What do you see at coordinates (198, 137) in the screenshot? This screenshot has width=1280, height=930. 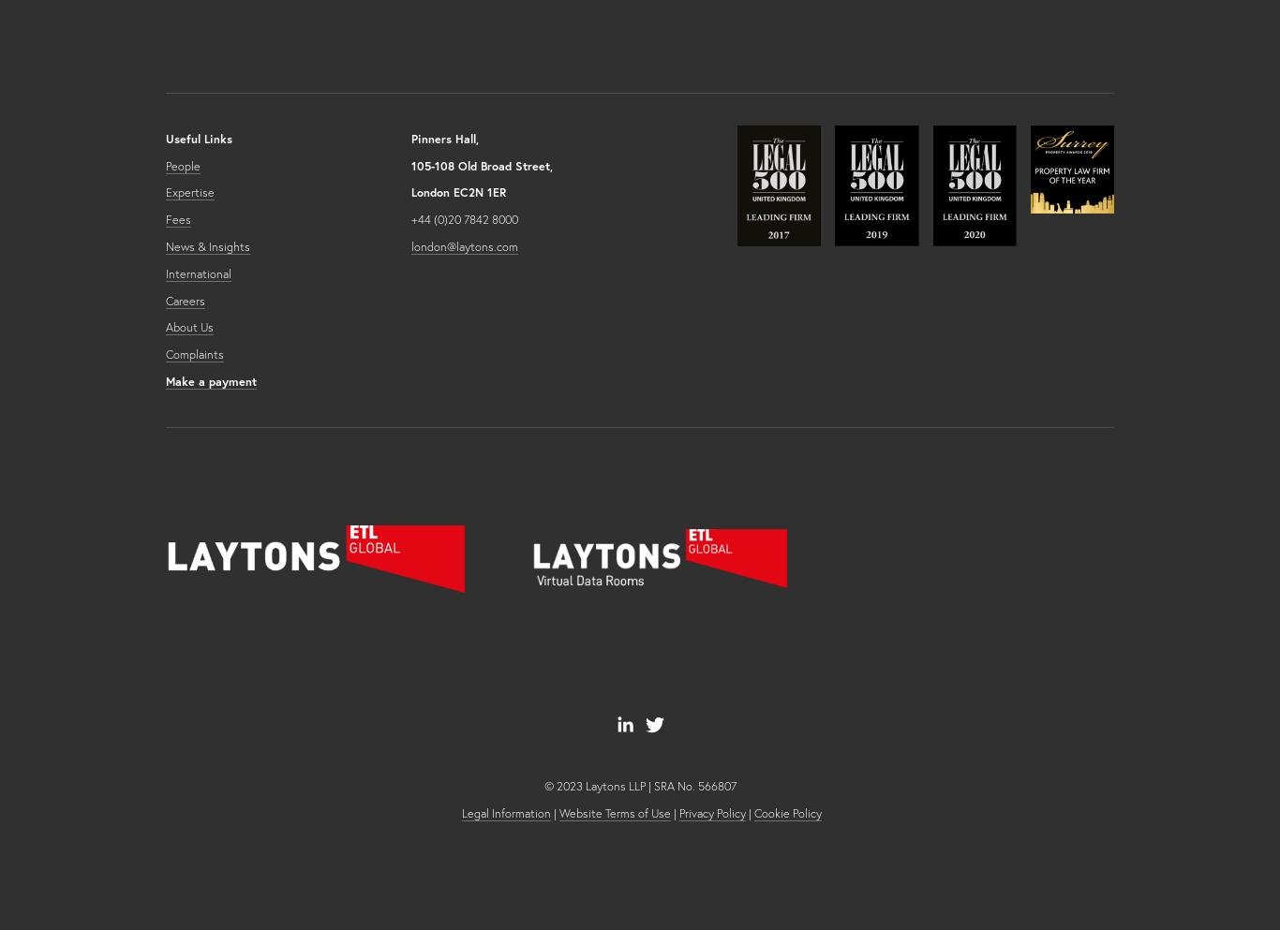 I see `'Useful Links'` at bounding box center [198, 137].